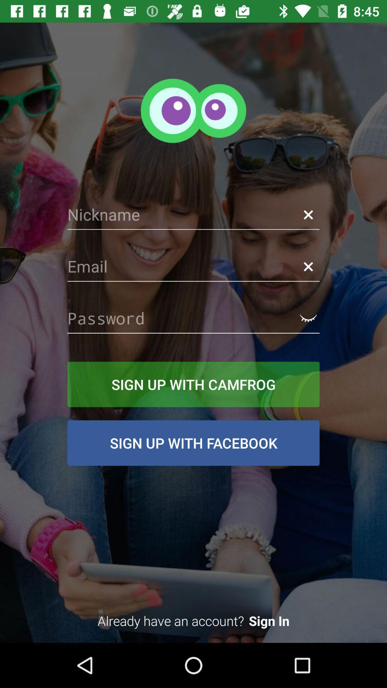 Image resolution: width=387 pixels, height=688 pixels. What do you see at coordinates (308, 318) in the screenshot?
I see `confirm password` at bounding box center [308, 318].